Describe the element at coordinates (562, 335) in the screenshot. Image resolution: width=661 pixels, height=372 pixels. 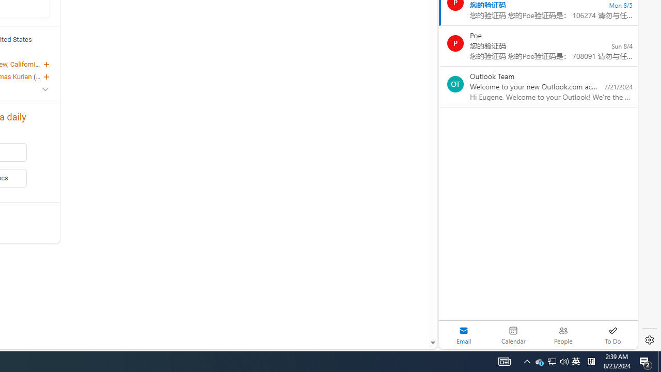
I see `'People'` at that location.